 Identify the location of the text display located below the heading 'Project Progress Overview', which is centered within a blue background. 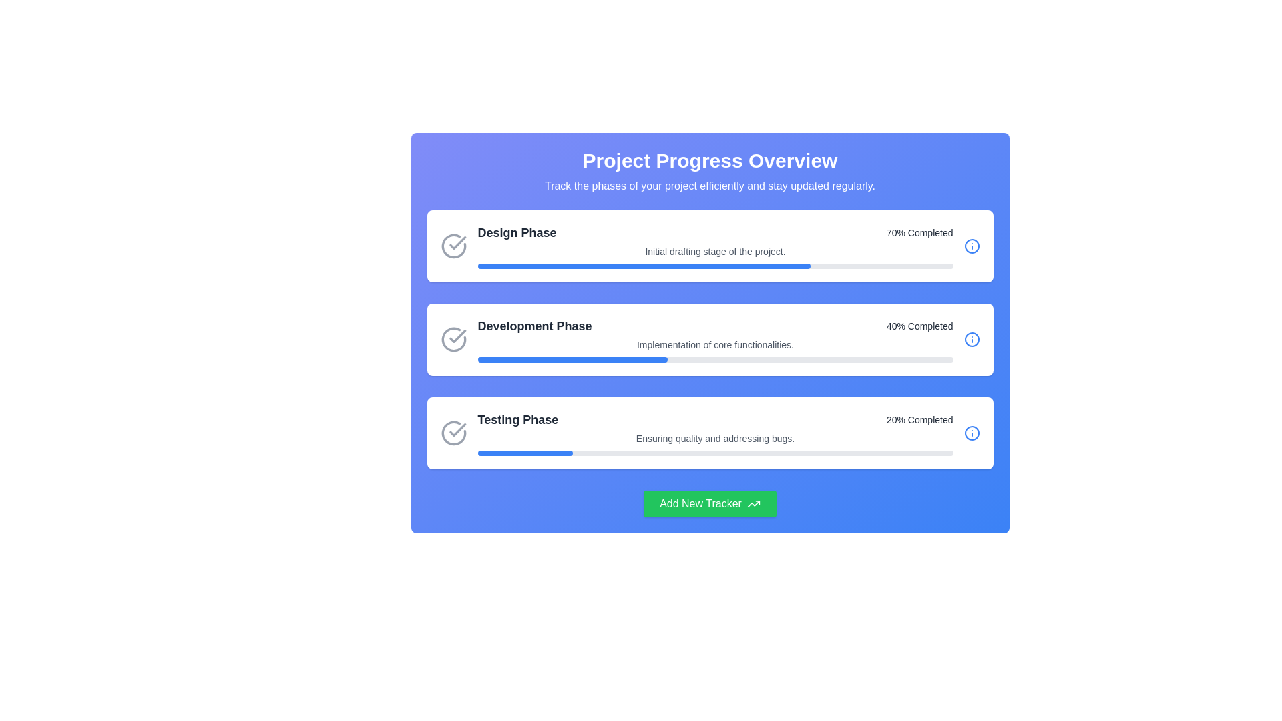
(709, 186).